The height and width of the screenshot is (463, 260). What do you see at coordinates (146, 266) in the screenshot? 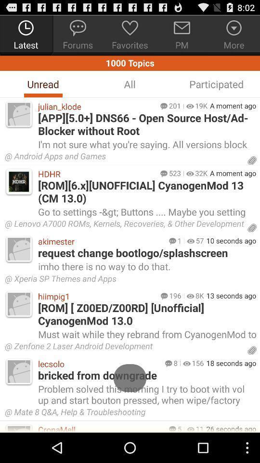
I see `the imho there is app` at bounding box center [146, 266].